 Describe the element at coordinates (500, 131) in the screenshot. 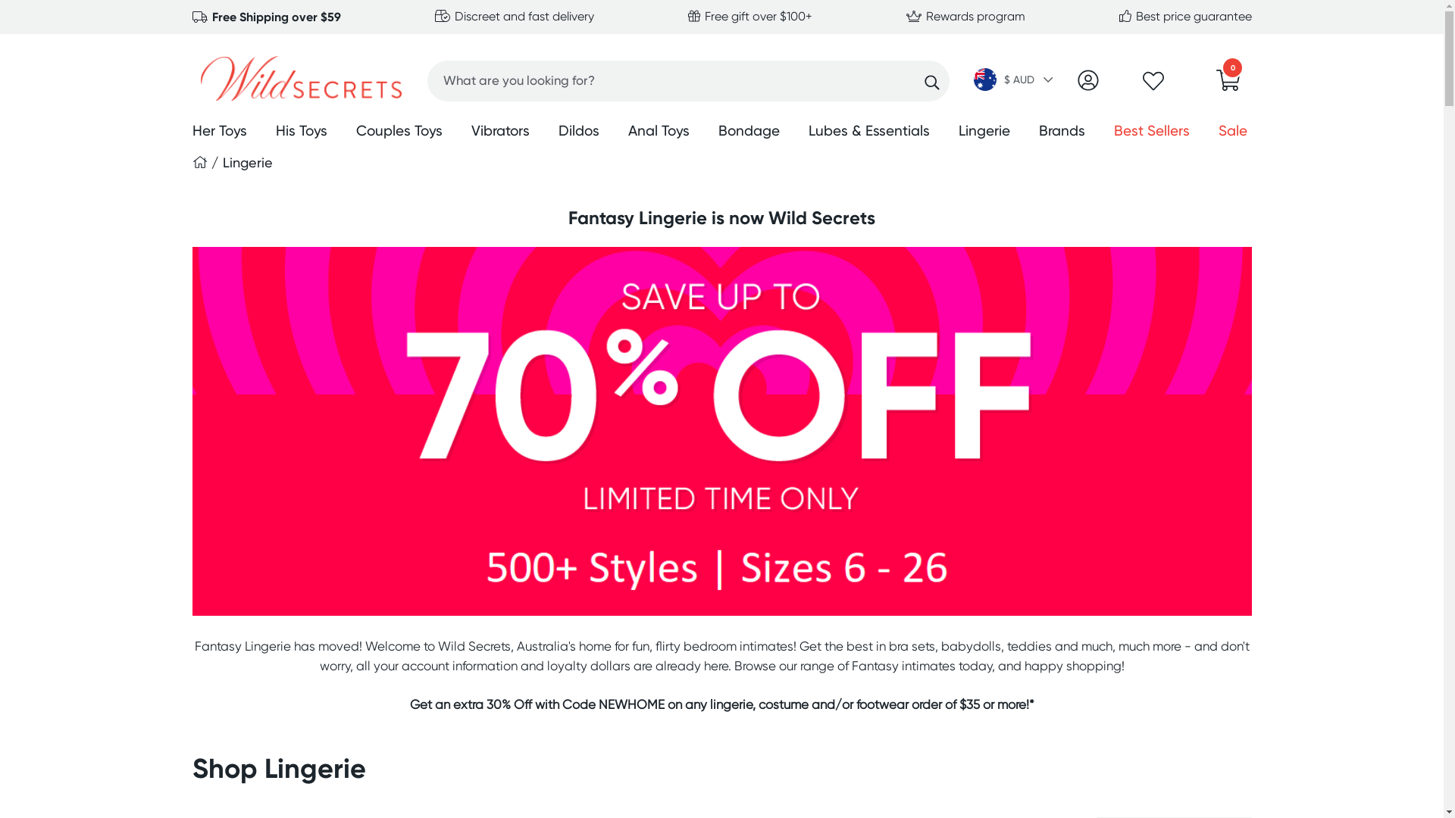

I see `'Vibrators'` at that location.